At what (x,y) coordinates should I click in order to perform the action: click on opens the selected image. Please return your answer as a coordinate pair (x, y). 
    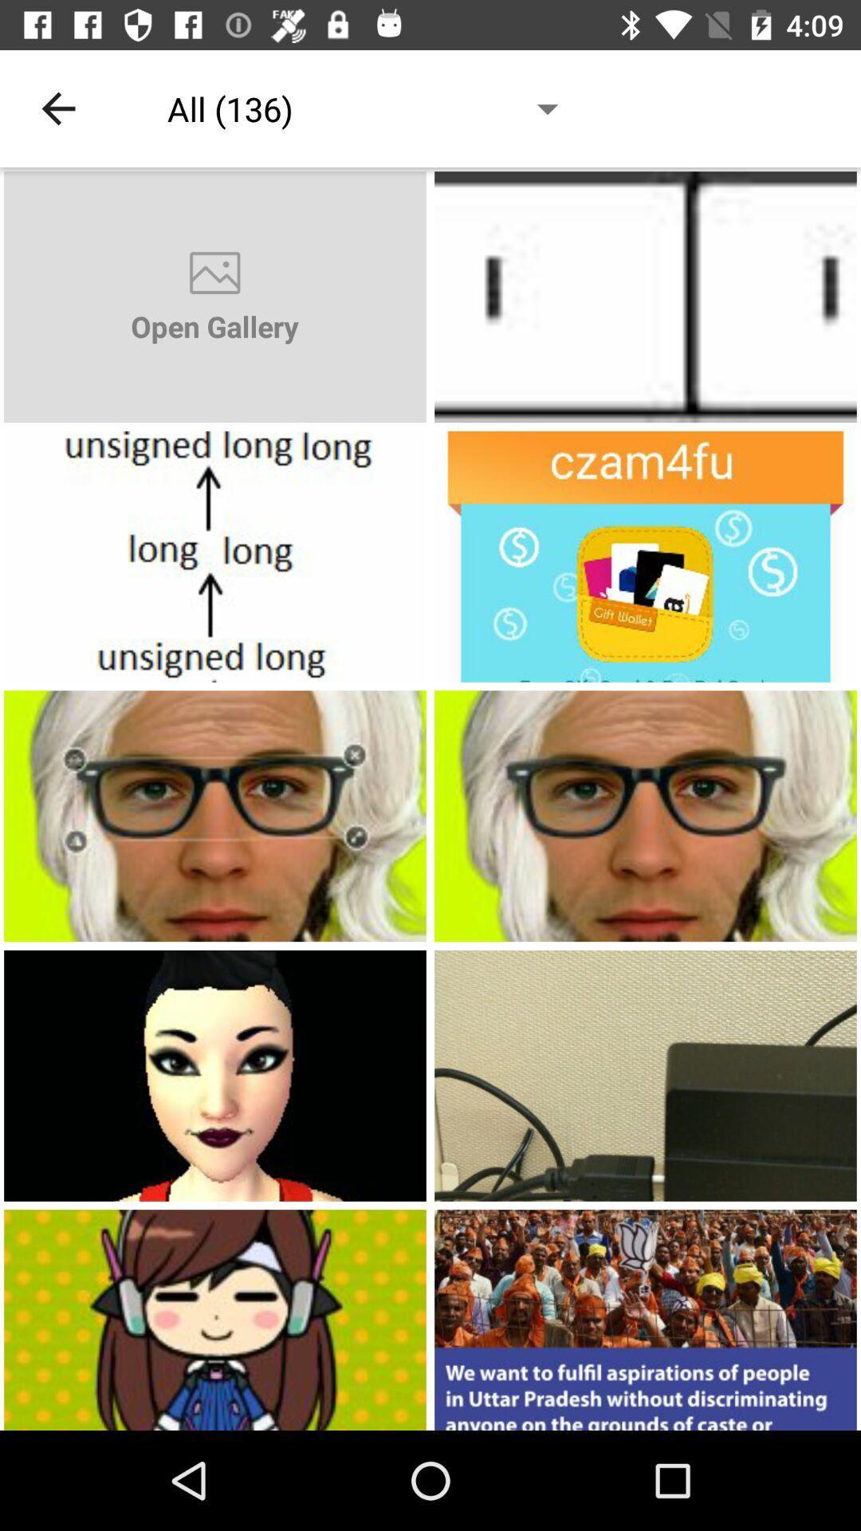
    Looking at the image, I should click on (646, 297).